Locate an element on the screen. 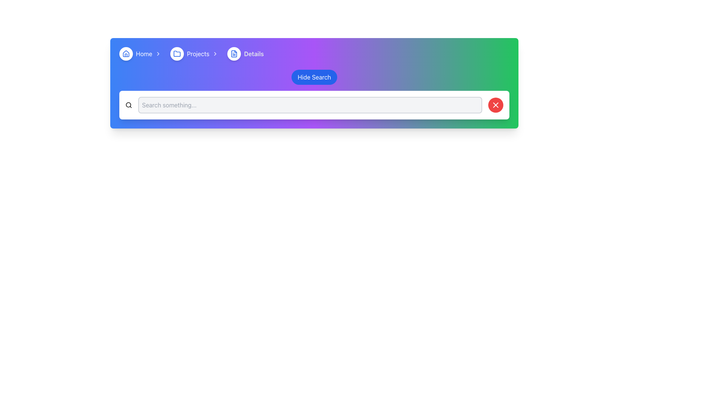 Image resolution: width=725 pixels, height=407 pixels. the close or cancel icon button, which is located within a red circular background at the right end of the search bar is located at coordinates (496, 105).